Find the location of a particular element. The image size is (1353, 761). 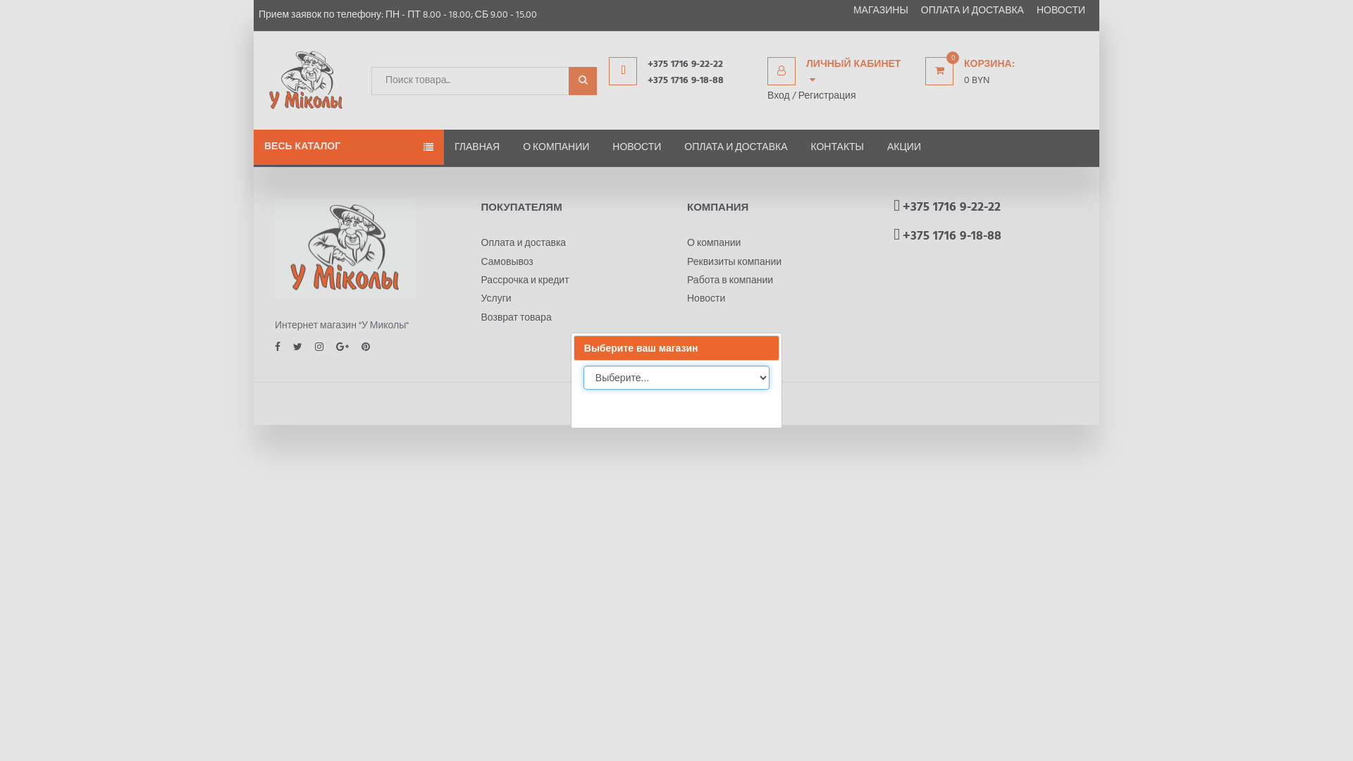

'+375 1716 9-18-88' is located at coordinates (951, 235).